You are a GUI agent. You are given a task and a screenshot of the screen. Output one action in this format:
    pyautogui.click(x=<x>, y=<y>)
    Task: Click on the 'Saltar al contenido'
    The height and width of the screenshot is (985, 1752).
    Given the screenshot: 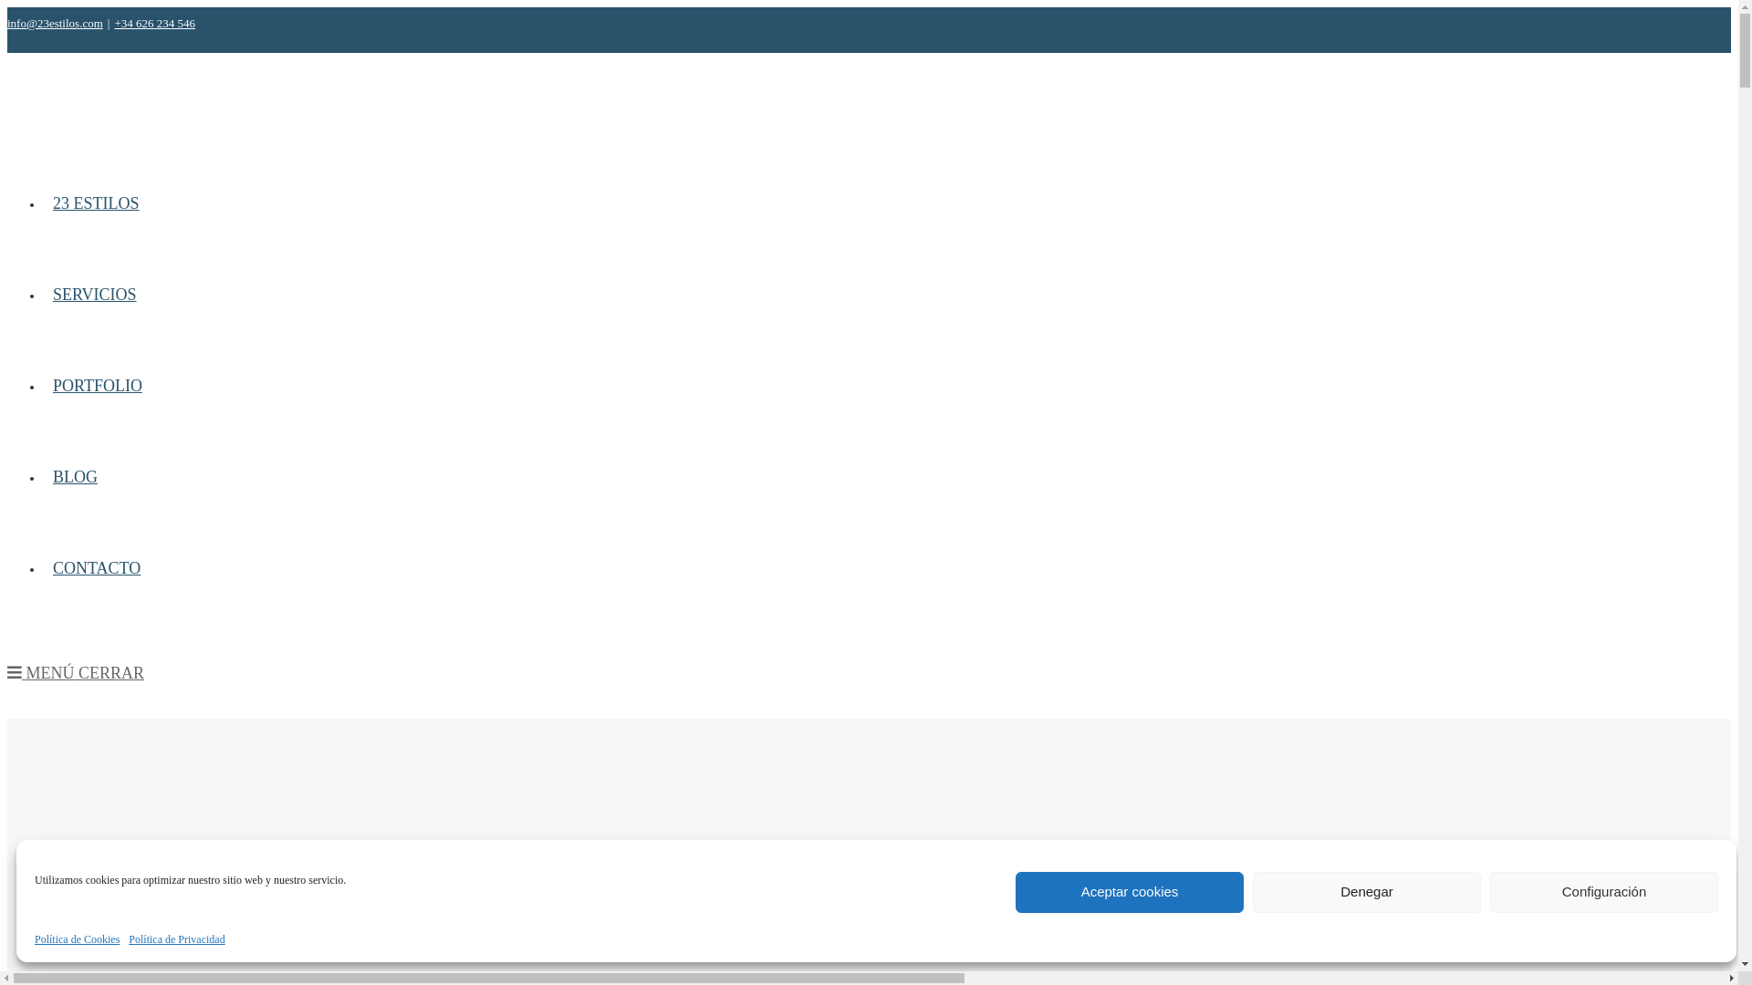 What is the action you would take?
    pyautogui.click(x=6, y=6)
    